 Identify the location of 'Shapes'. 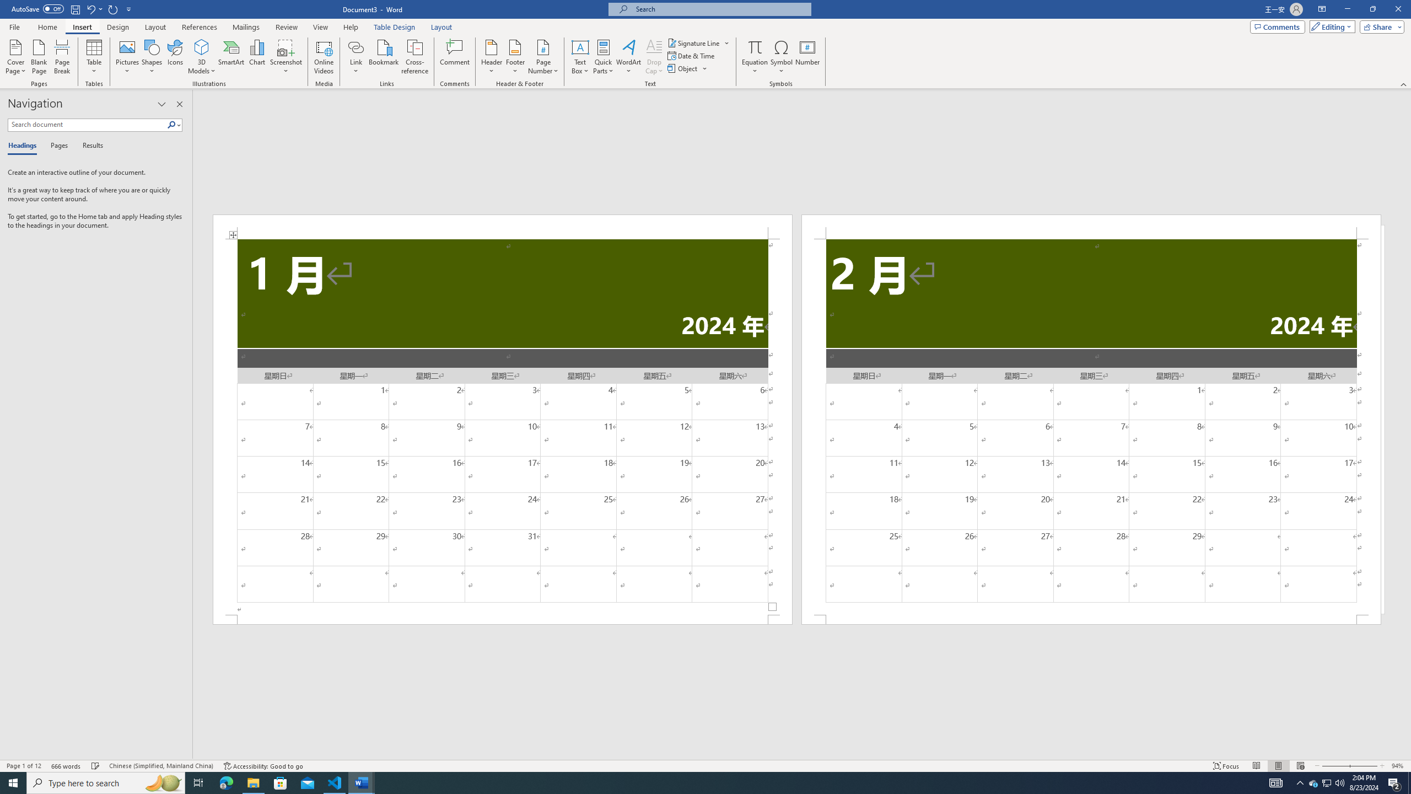
(152, 57).